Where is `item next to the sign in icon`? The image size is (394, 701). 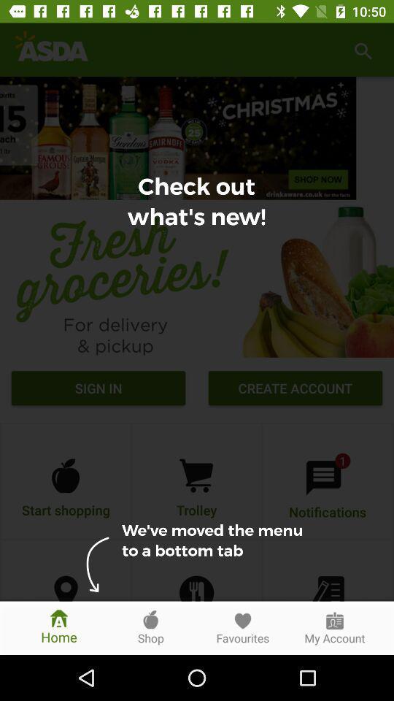
item next to the sign in icon is located at coordinates (295, 389).